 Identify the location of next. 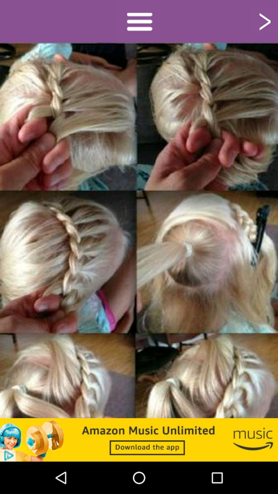
(264, 21).